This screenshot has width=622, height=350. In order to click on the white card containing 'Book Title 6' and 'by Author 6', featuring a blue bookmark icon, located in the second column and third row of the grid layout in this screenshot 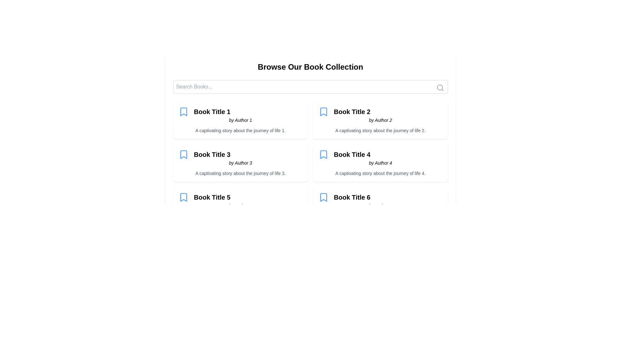, I will do `click(380, 206)`.